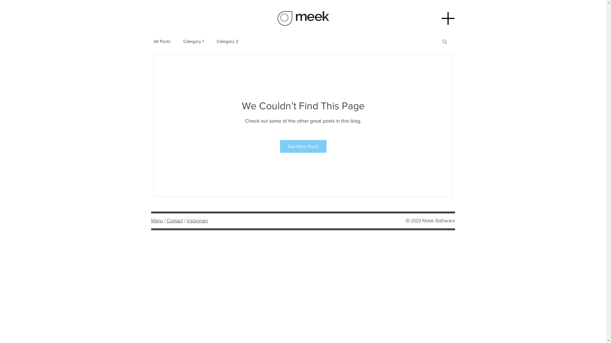 The height and width of the screenshot is (343, 611). Describe the element at coordinates (183, 41) in the screenshot. I see `'Category 1'` at that location.